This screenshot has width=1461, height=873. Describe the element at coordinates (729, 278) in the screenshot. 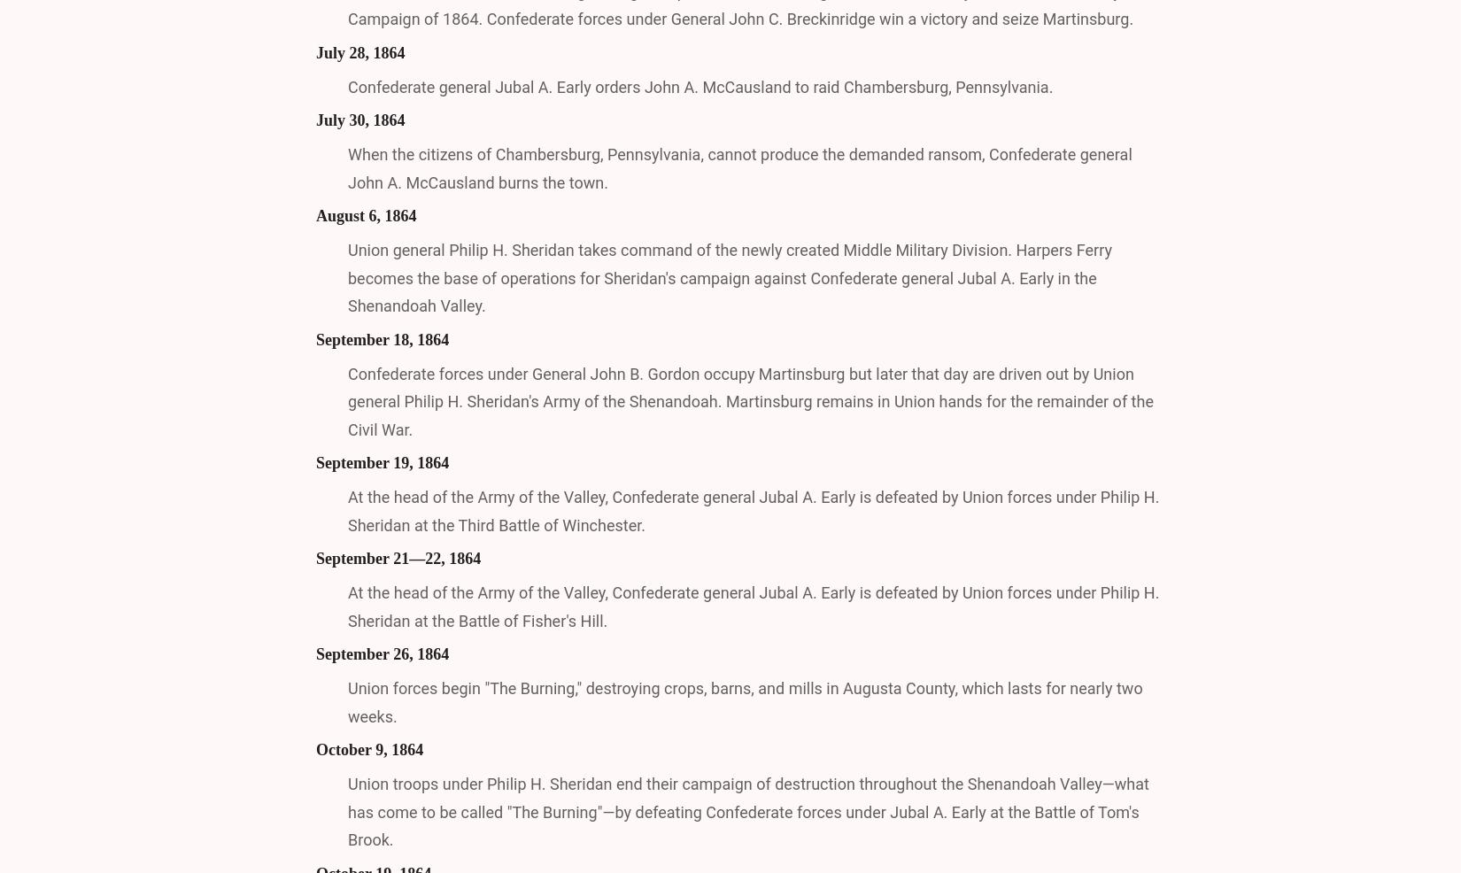

I see `'Union general Philip H. Sheridan takes command of the newly created Middle Military Division. Harpers Ferry becomes the base of operations for Sheridan's campaign against Confederate general Jubal A. Early in the Shenandoah Valley.'` at that location.